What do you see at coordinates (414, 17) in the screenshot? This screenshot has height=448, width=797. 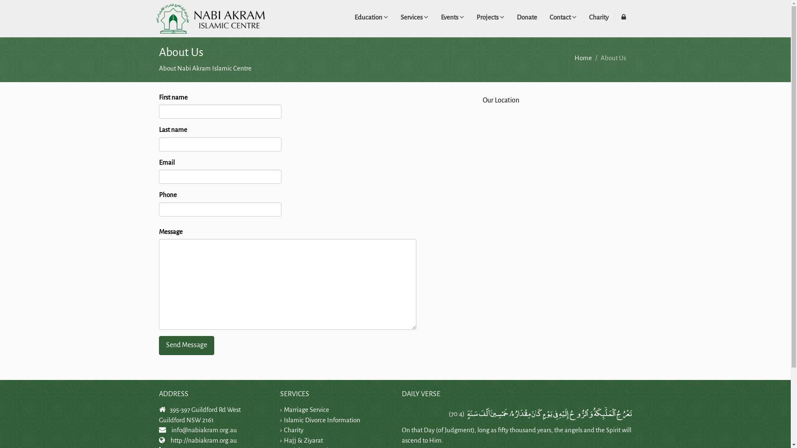 I see `'Services'` at bounding box center [414, 17].